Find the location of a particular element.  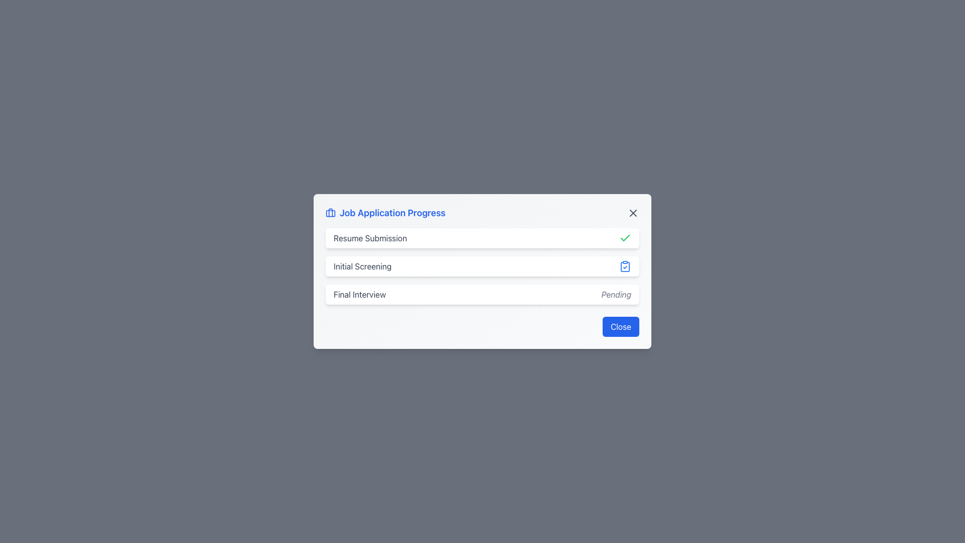

the 'X' button in the top-right corner of the 'Job Application Progress' modal is located at coordinates (632, 213).